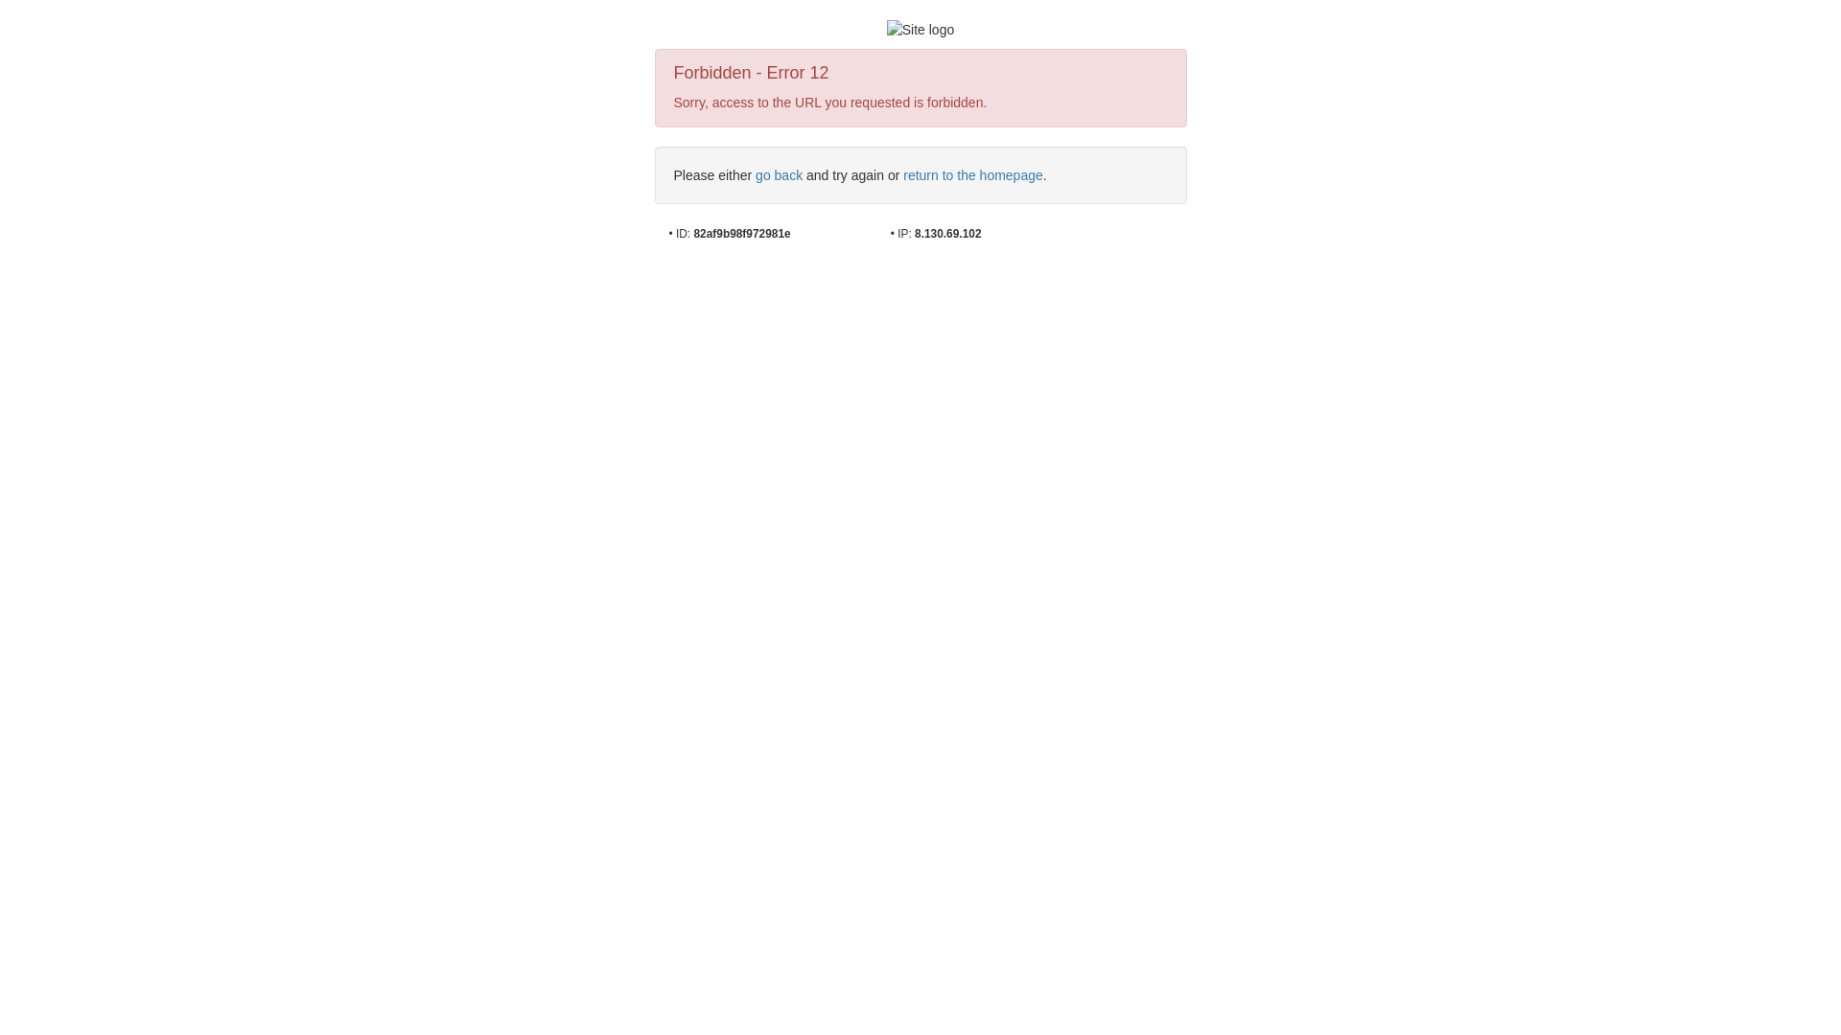 This screenshot has width=1841, height=1035. Describe the element at coordinates (972, 174) in the screenshot. I see `'return to the homepage'` at that location.